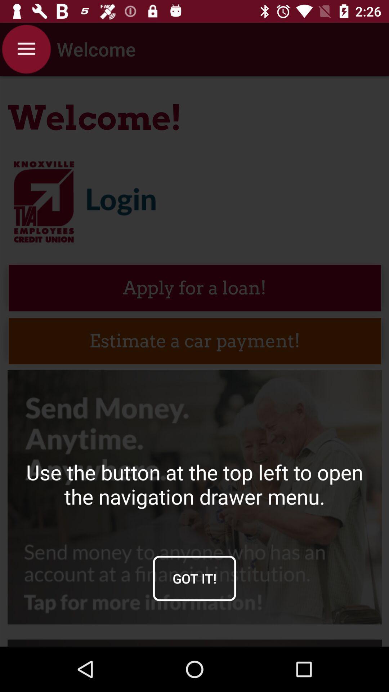 This screenshot has height=692, width=389. Describe the element at coordinates (194, 578) in the screenshot. I see `the icon below the use the button icon` at that location.